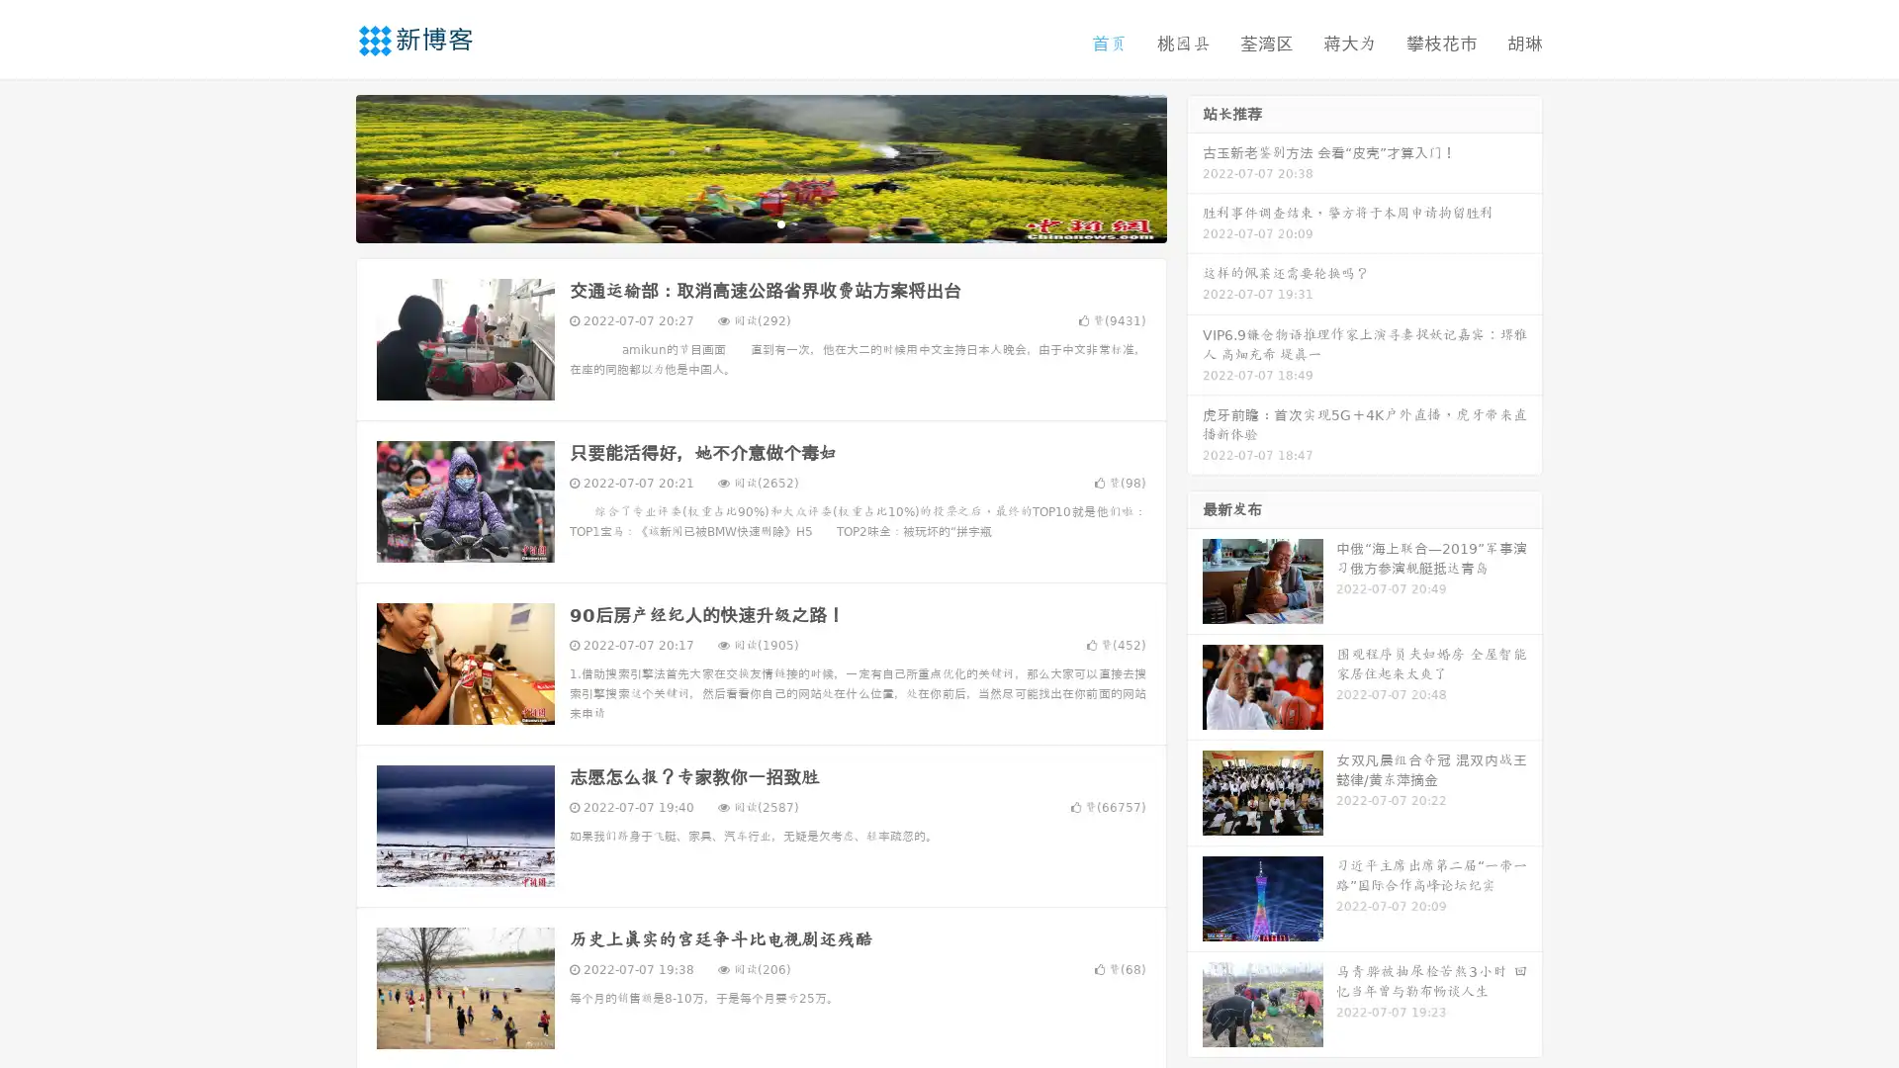 The image size is (1899, 1068). Describe the element at coordinates (780, 222) in the screenshot. I see `Go to slide 3` at that location.